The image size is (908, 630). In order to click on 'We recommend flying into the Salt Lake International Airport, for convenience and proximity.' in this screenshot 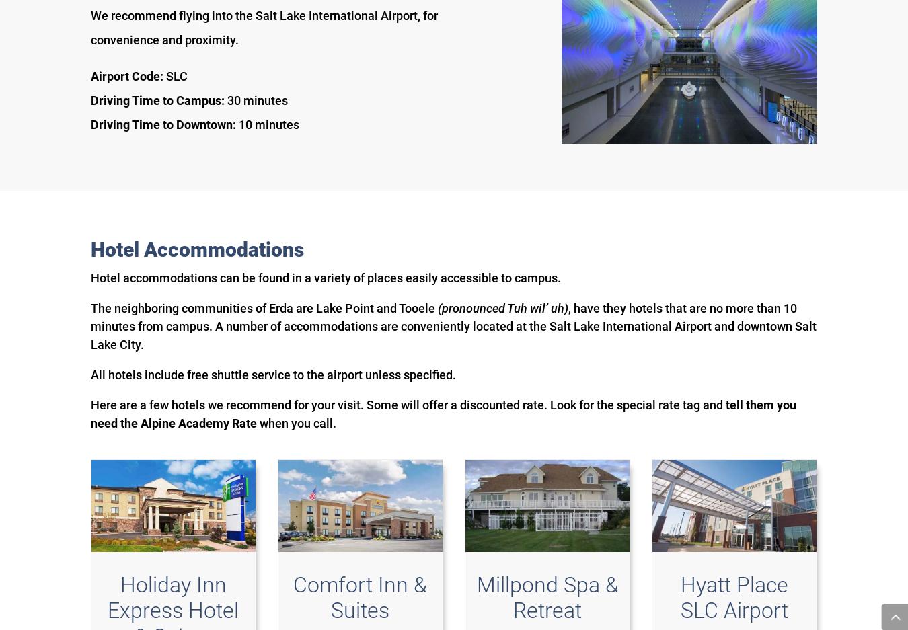, I will do `click(264, 28)`.